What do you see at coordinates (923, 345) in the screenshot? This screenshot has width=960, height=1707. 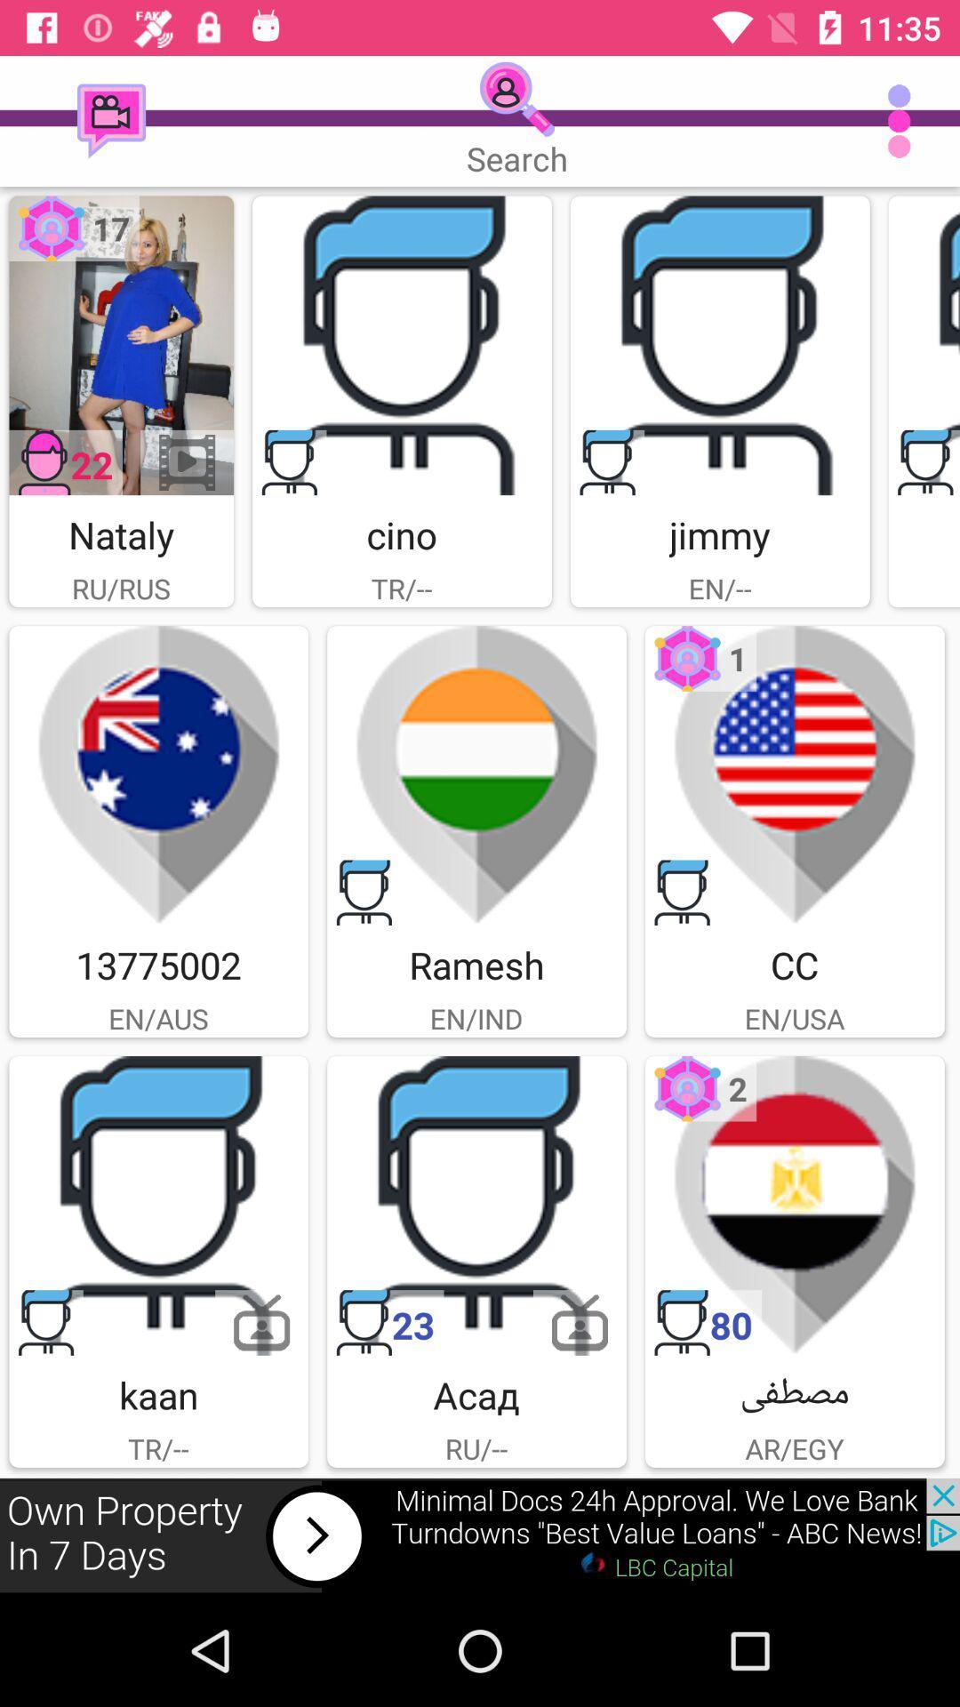 I see `profile picture` at bounding box center [923, 345].